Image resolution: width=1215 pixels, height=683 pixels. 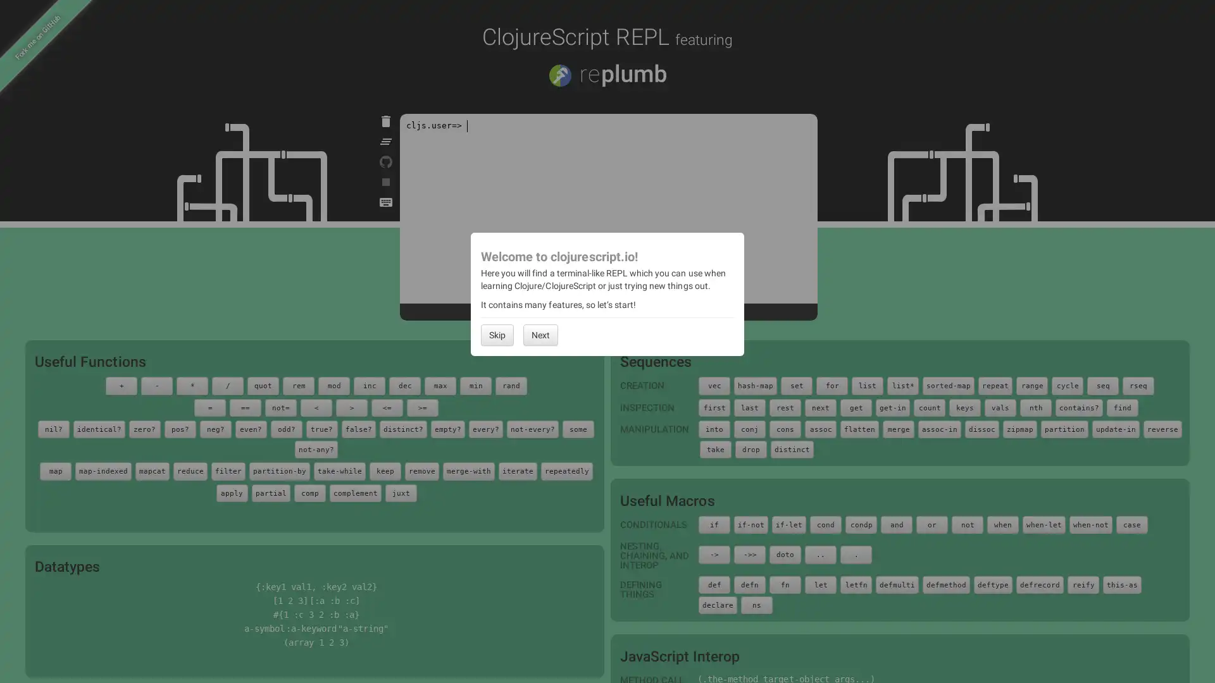 What do you see at coordinates (285, 428) in the screenshot?
I see `odd?` at bounding box center [285, 428].